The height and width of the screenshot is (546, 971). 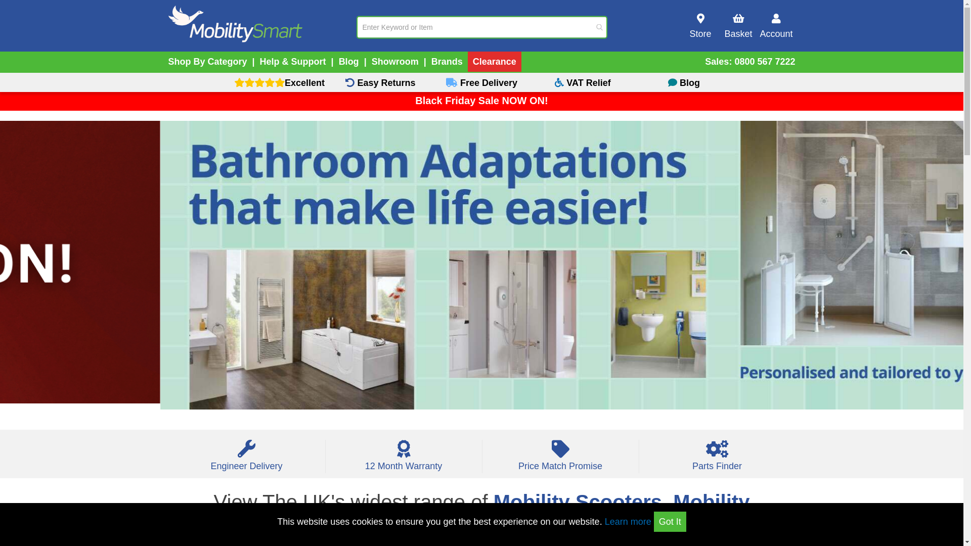 I want to click on 'Basket', so click(x=738, y=25).